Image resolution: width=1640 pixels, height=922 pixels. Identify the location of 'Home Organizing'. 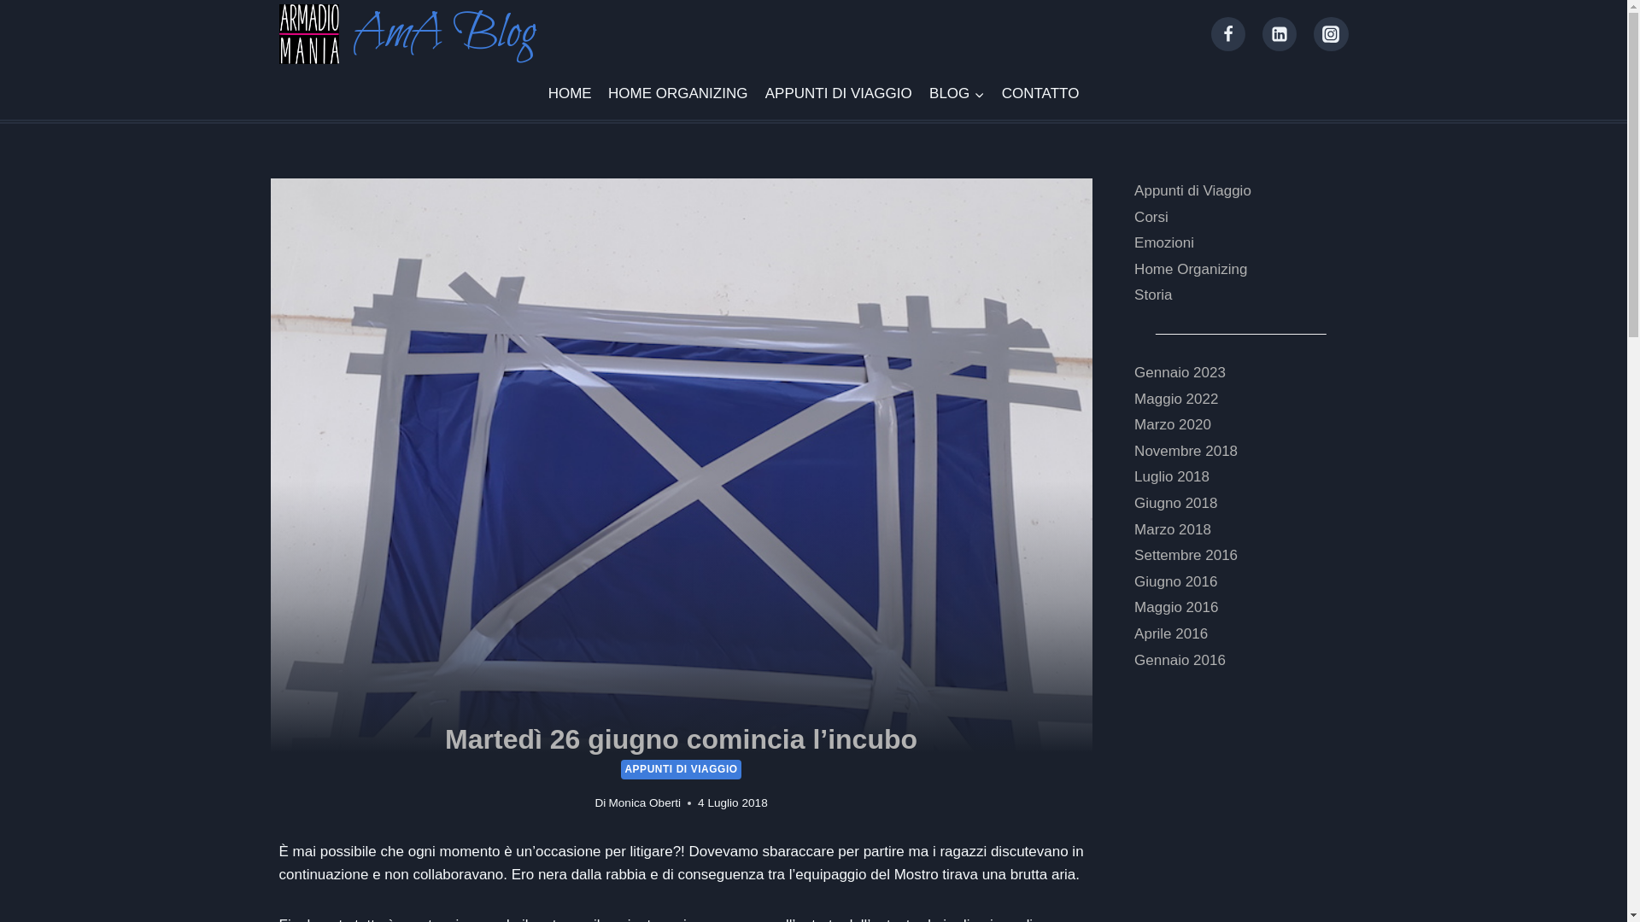
(1189, 269).